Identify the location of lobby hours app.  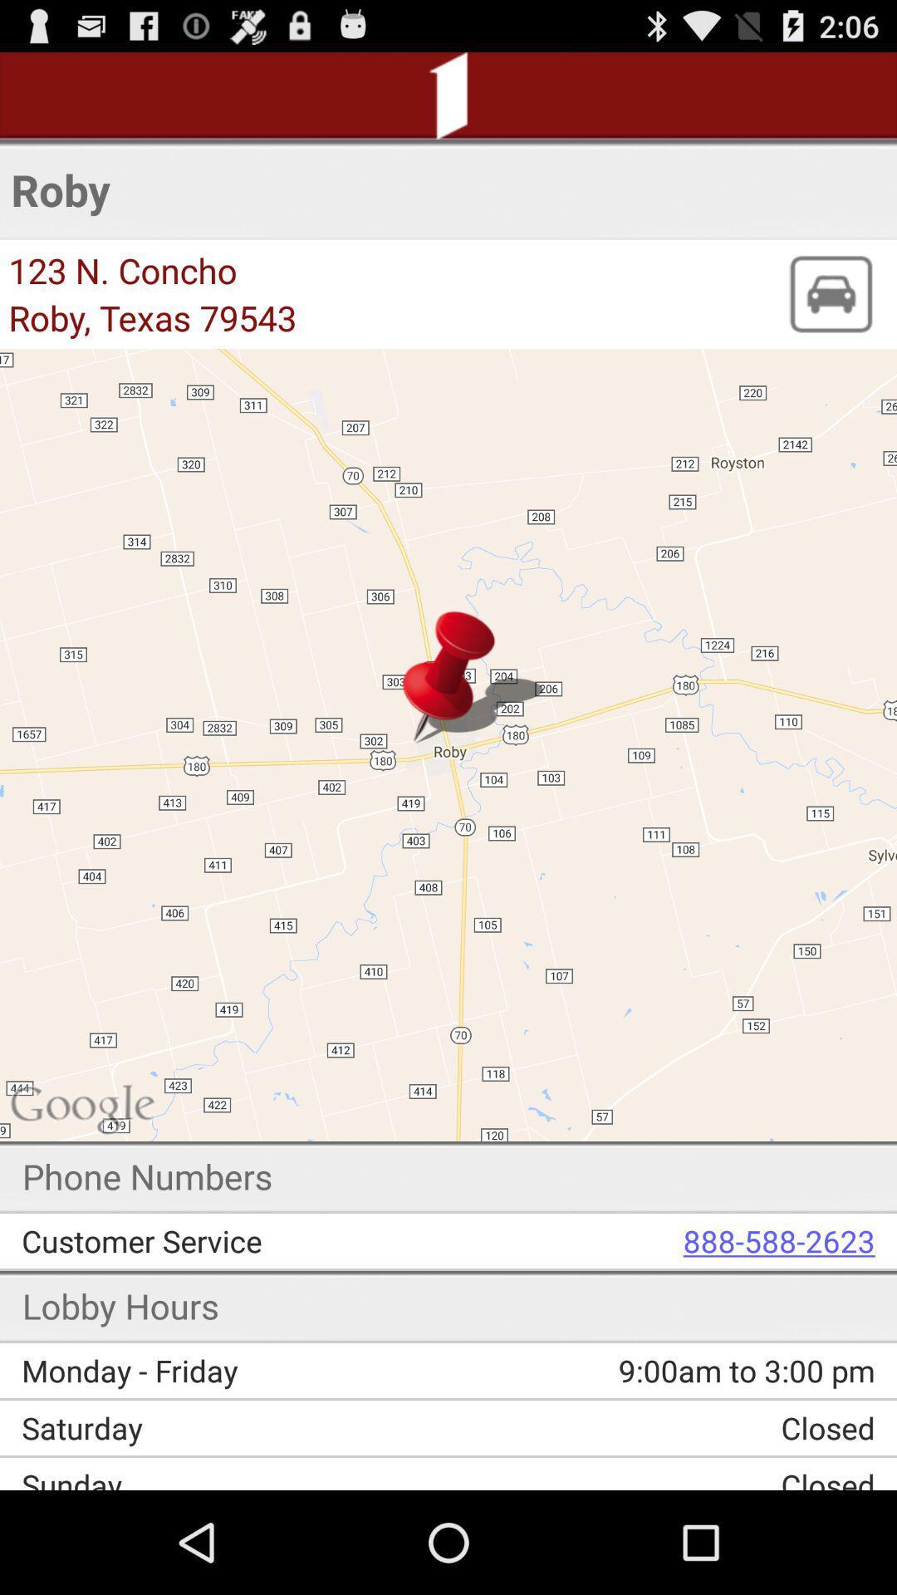
(120, 1304).